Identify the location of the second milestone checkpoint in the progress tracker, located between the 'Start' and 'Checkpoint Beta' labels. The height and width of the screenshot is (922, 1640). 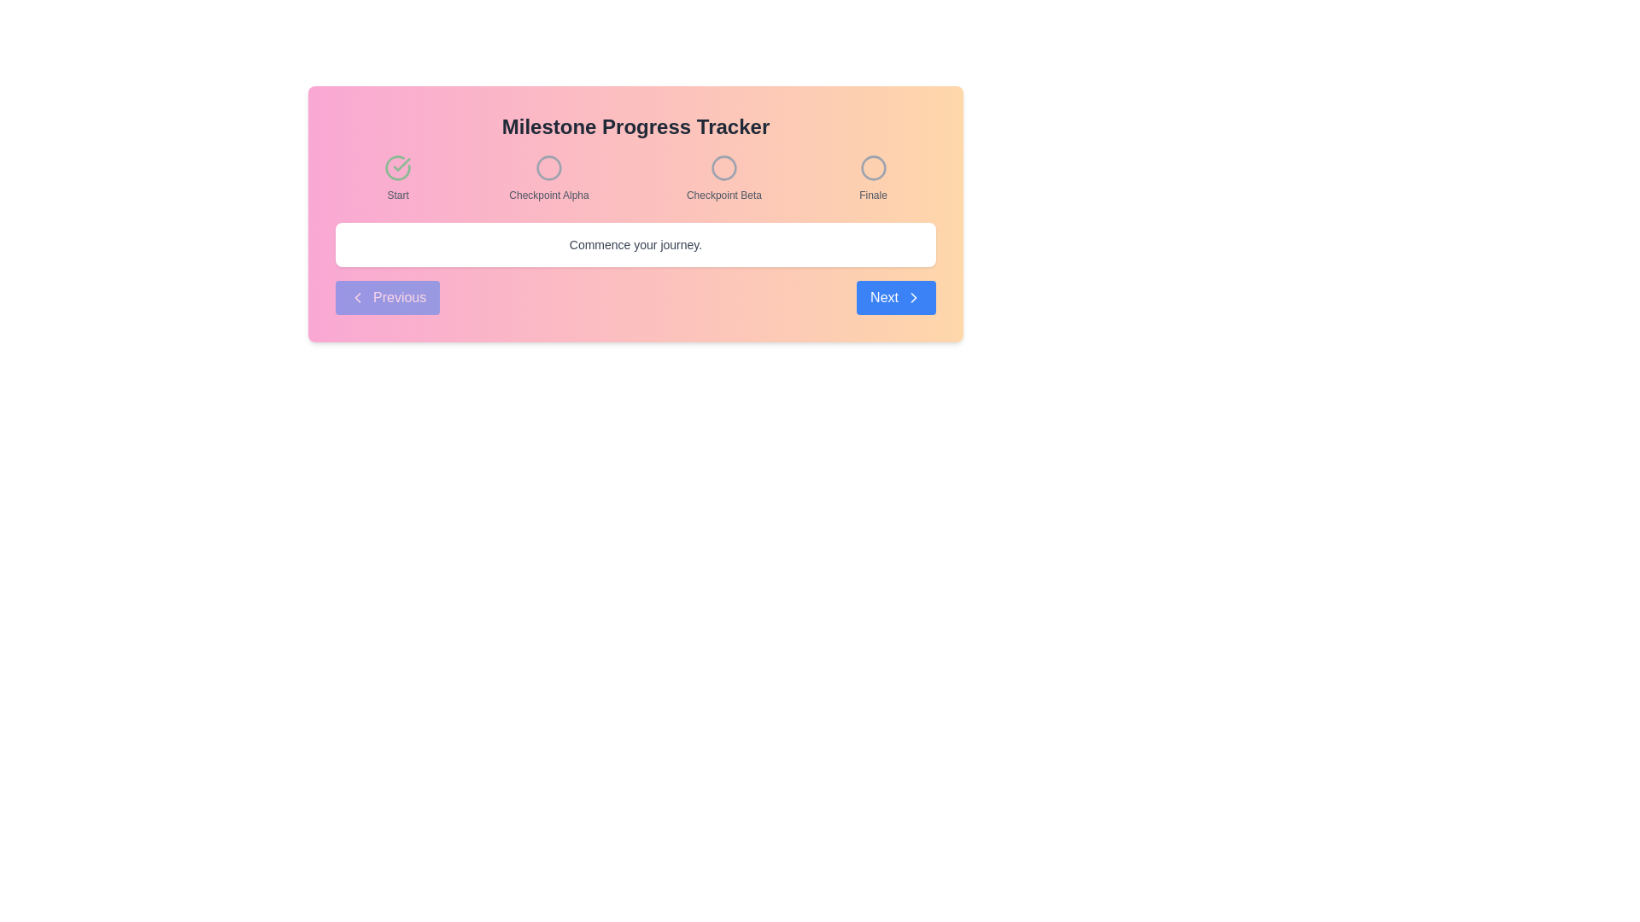
(549, 178).